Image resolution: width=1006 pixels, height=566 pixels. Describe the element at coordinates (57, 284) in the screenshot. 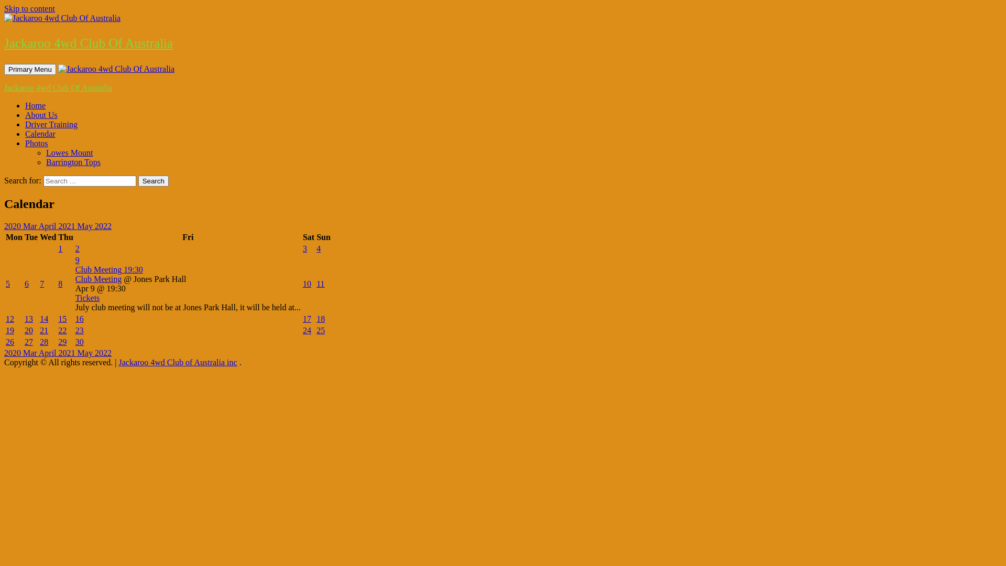

I see `'8'` at that location.